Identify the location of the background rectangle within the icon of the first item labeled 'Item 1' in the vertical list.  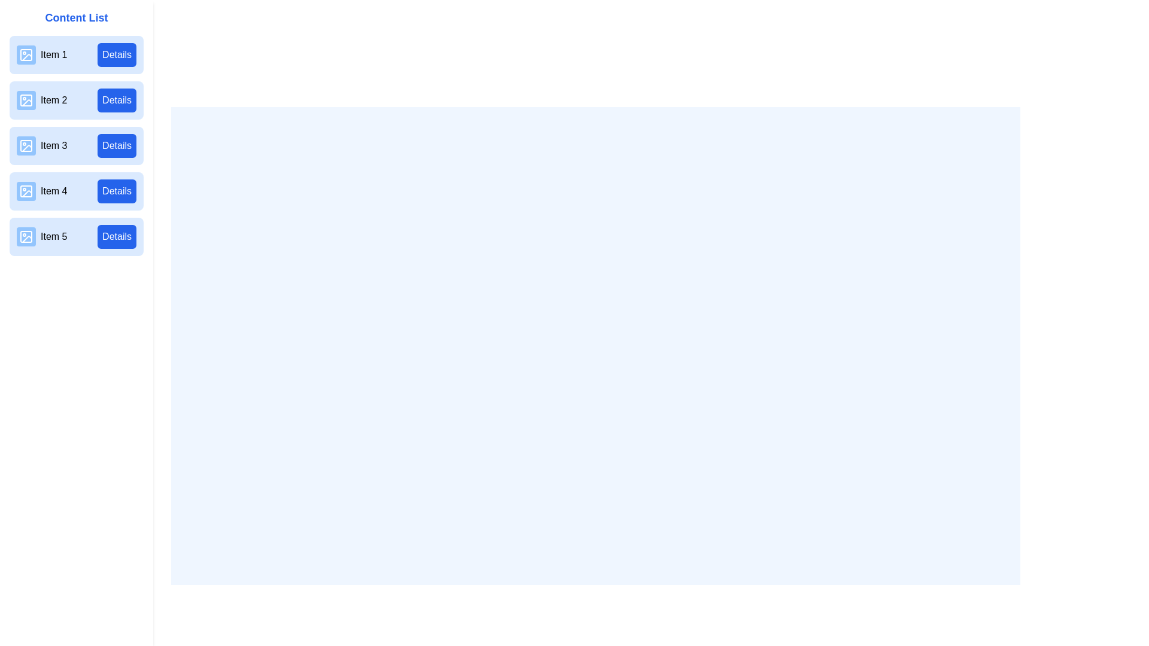
(26, 55).